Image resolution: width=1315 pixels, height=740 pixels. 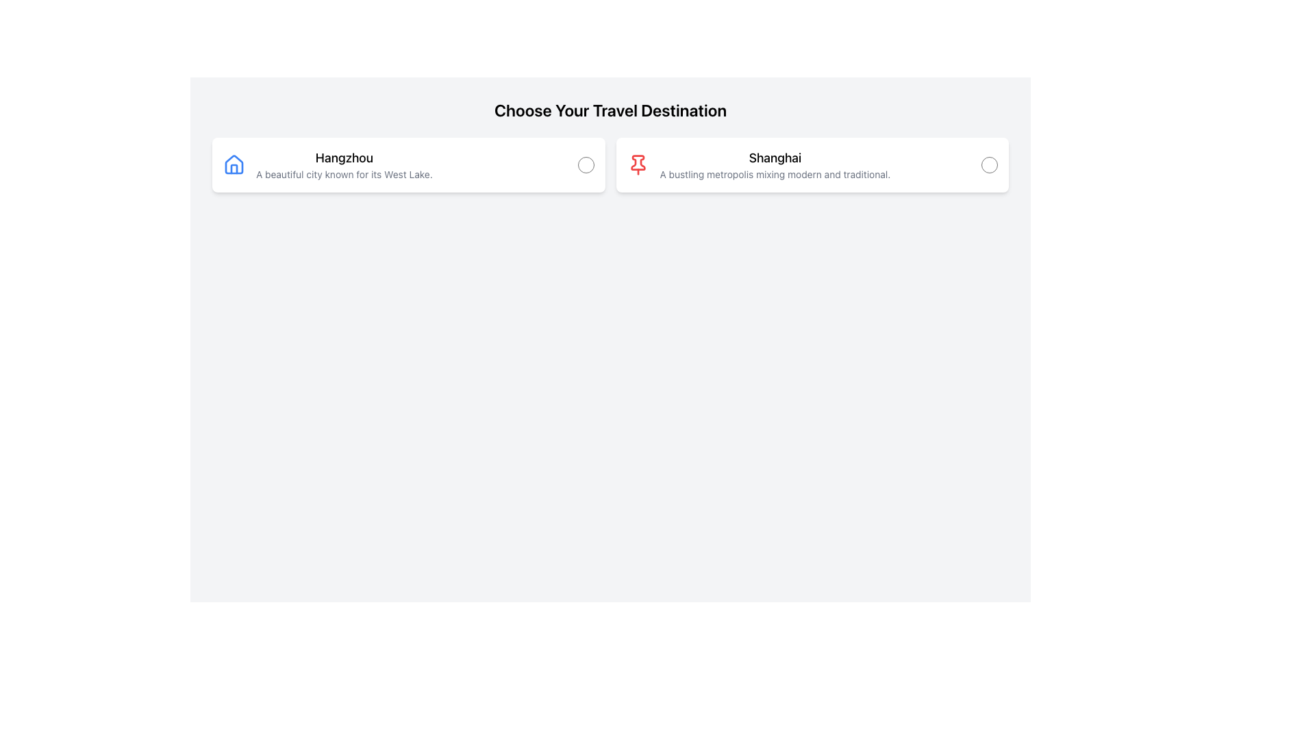 I want to click on the symbolic representation icon associated with the 'Shanghai' entry on the leftmost part of the content group, so click(x=637, y=164).